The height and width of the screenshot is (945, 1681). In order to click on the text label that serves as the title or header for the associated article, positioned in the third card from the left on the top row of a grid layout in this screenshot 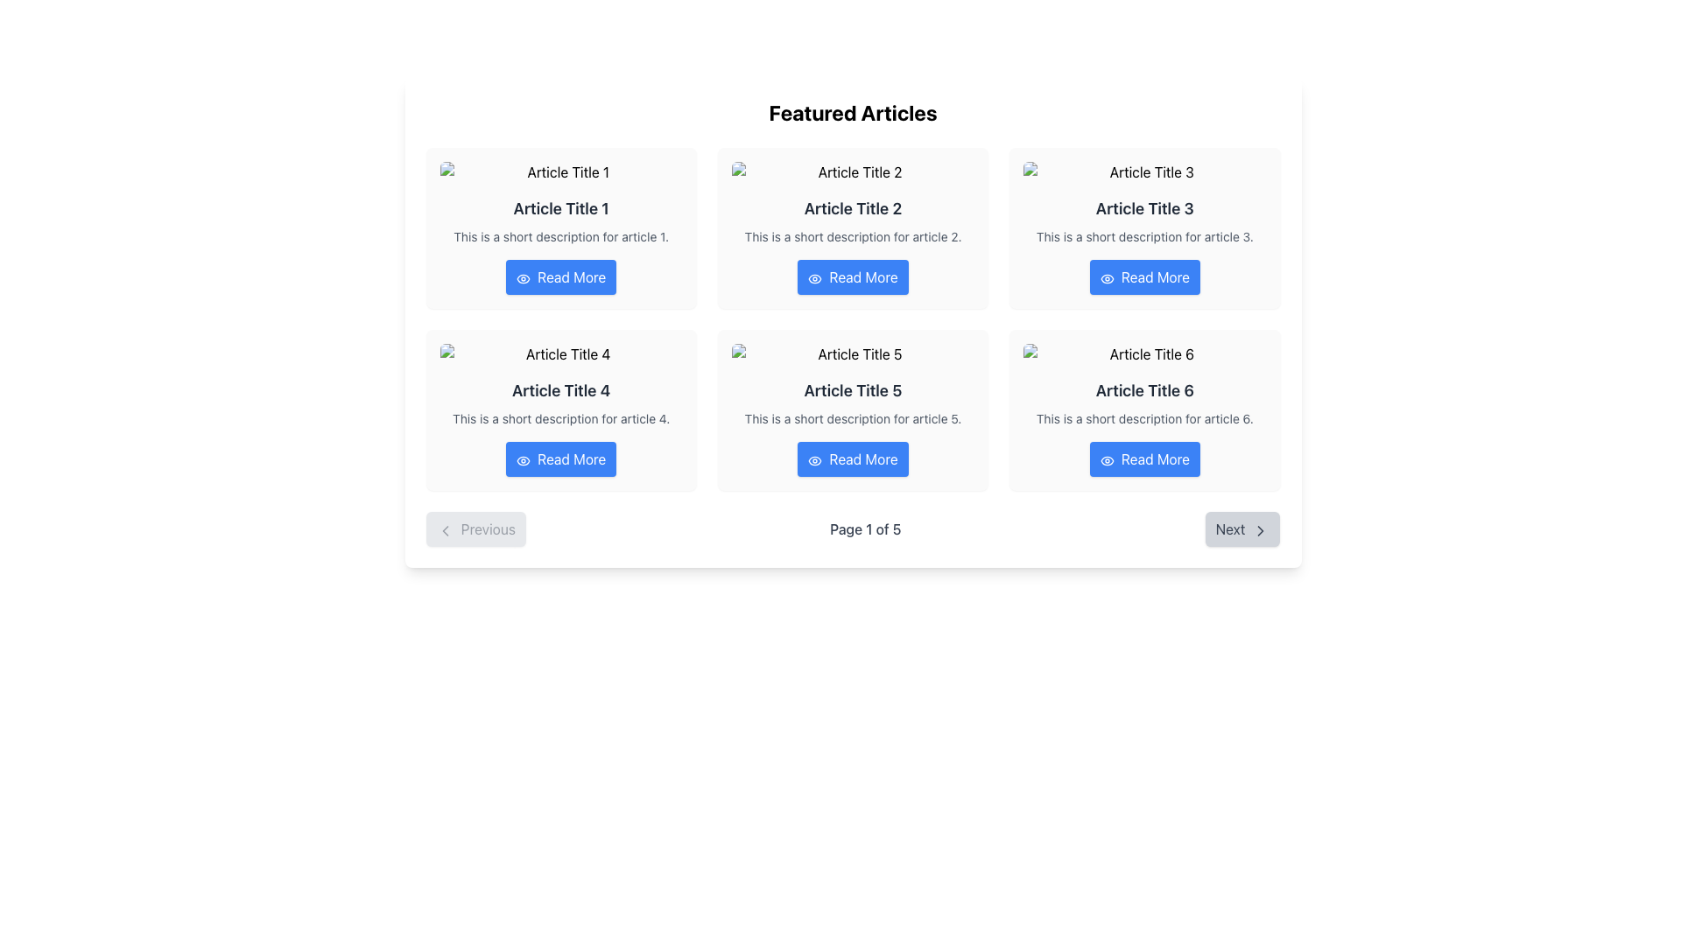, I will do `click(1144, 208)`.